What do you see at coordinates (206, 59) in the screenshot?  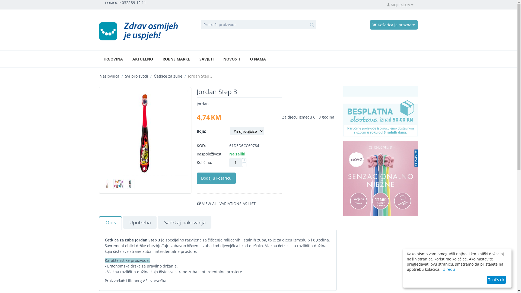 I see `'SAVJETI'` at bounding box center [206, 59].